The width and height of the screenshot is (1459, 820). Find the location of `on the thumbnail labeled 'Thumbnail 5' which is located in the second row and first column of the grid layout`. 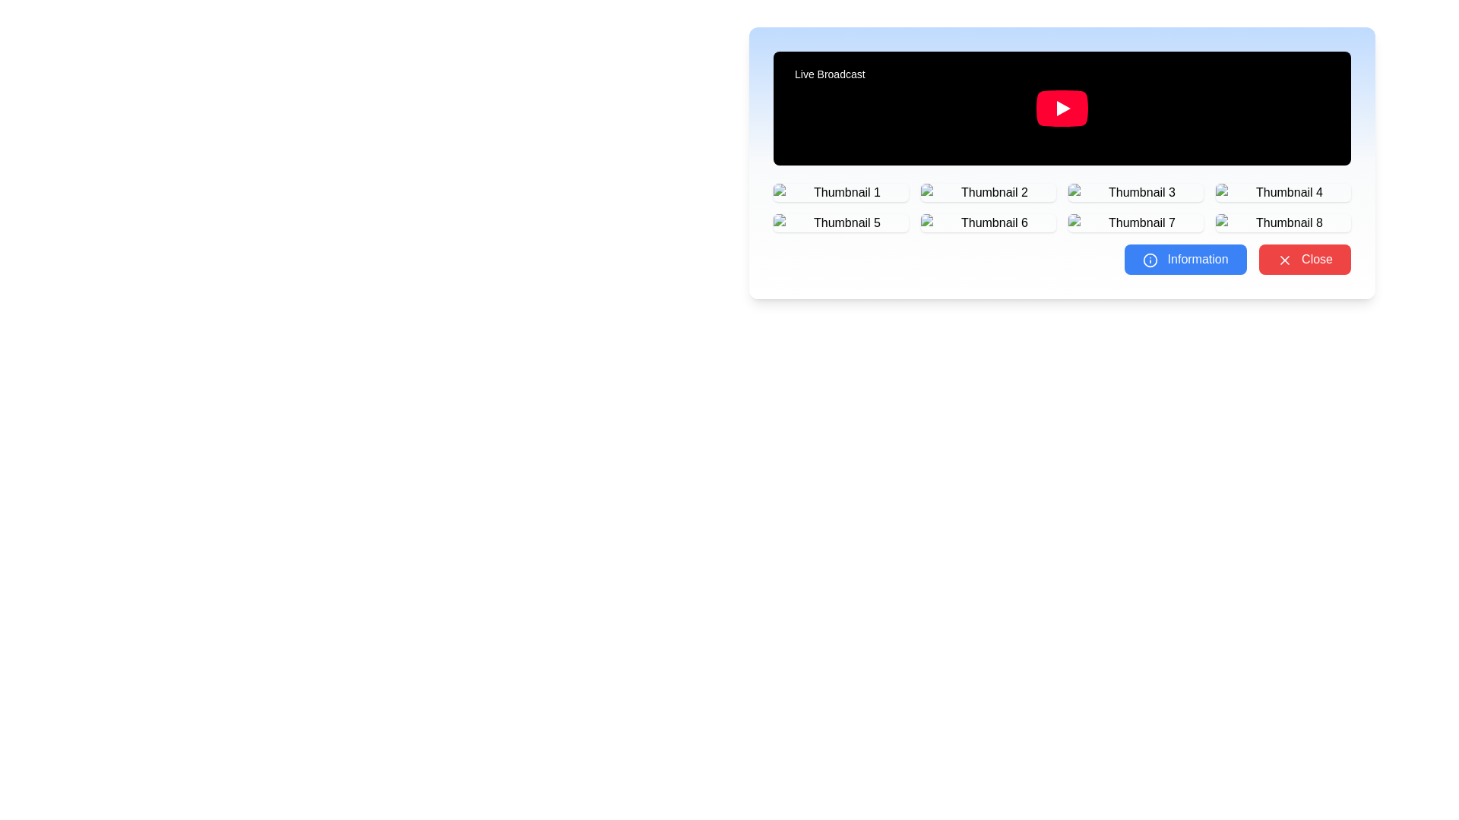

on the thumbnail labeled 'Thumbnail 5' which is located in the second row and first column of the grid layout is located at coordinates (840, 222).